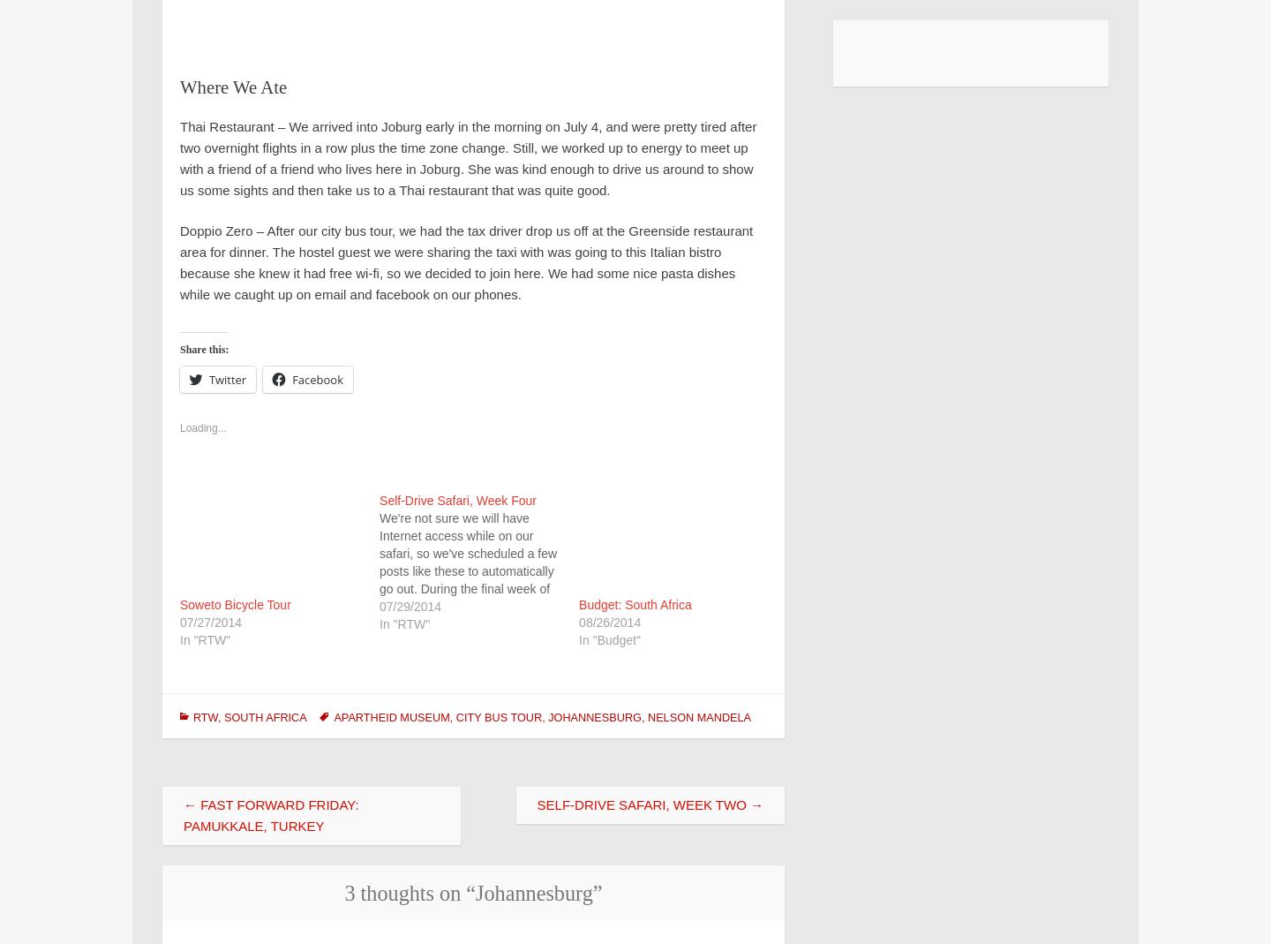 The image size is (1271, 944). I want to click on 'Thai Restaurant – We arrived into Joburg early in the morning on July 4, and were pretty tired after two overnight flights in a row plus the time zone change. Still, we worked up to energy to meet up with a friend of a friend who lives here in Joburg. She was kind enough to drive us around to show us some sights and then take us to a Thai restaurant that was quite good.', so click(467, 157).